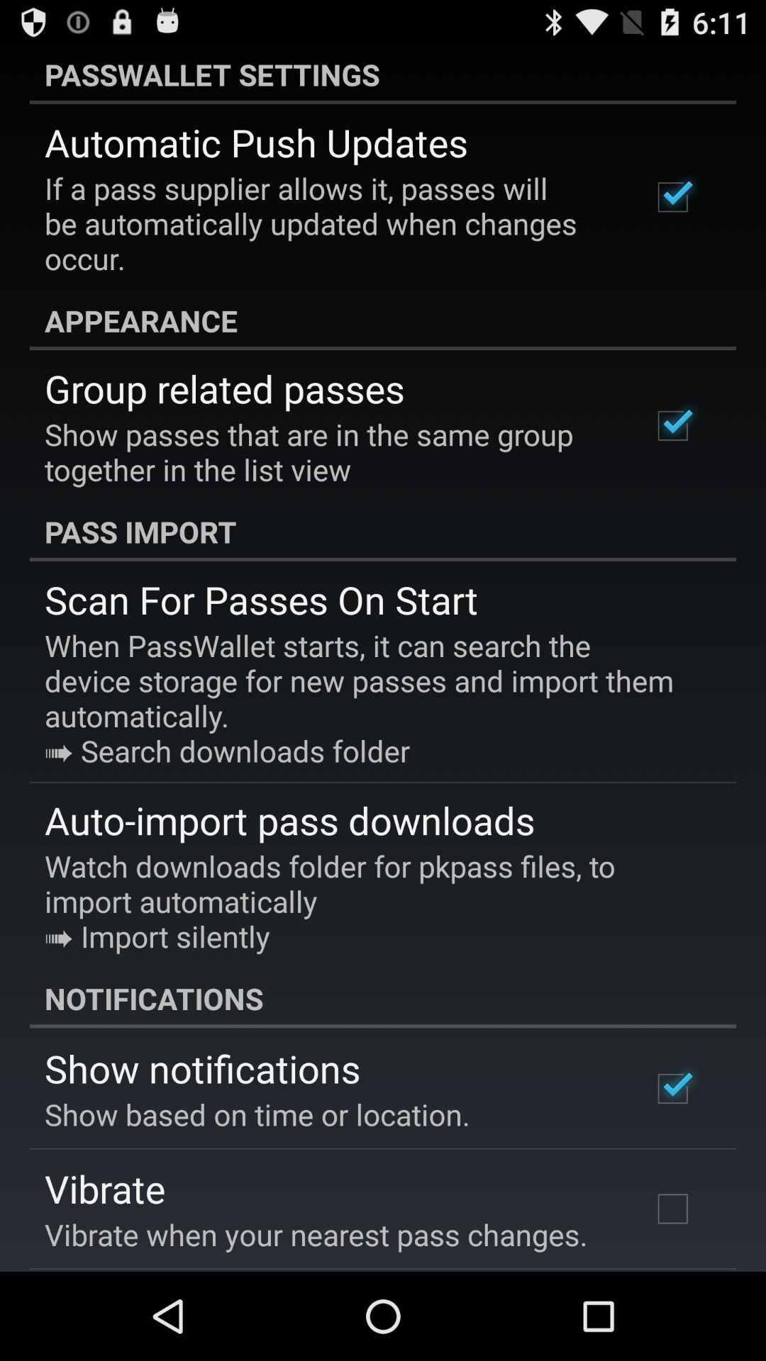 The image size is (766, 1361). Describe the element at coordinates (328, 223) in the screenshot. I see `if a pass item` at that location.